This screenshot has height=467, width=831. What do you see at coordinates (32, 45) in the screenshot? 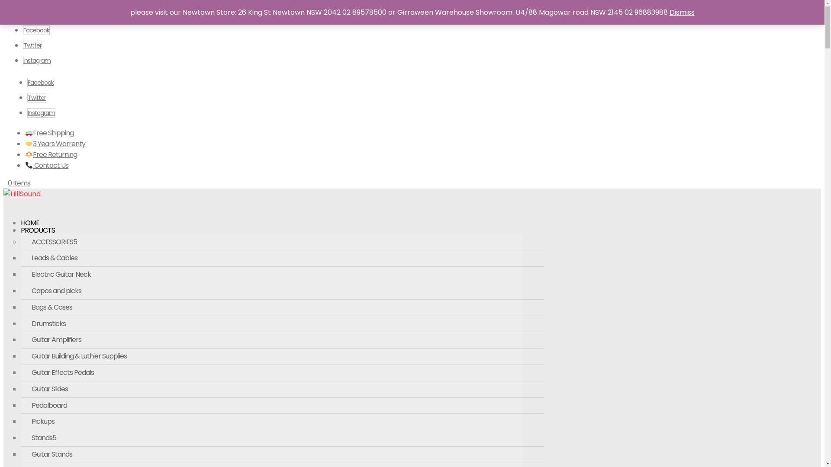
I see `'Twitter'` at bounding box center [32, 45].